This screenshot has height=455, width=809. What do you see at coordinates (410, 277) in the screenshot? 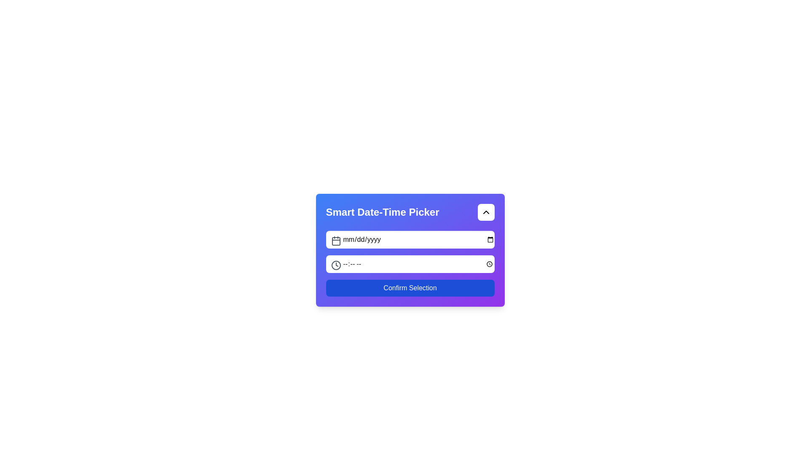
I see `the 'Confirm Selection' button in the Smart Date-Time Picker popup dialog to confirm the selected date and time` at bounding box center [410, 277].